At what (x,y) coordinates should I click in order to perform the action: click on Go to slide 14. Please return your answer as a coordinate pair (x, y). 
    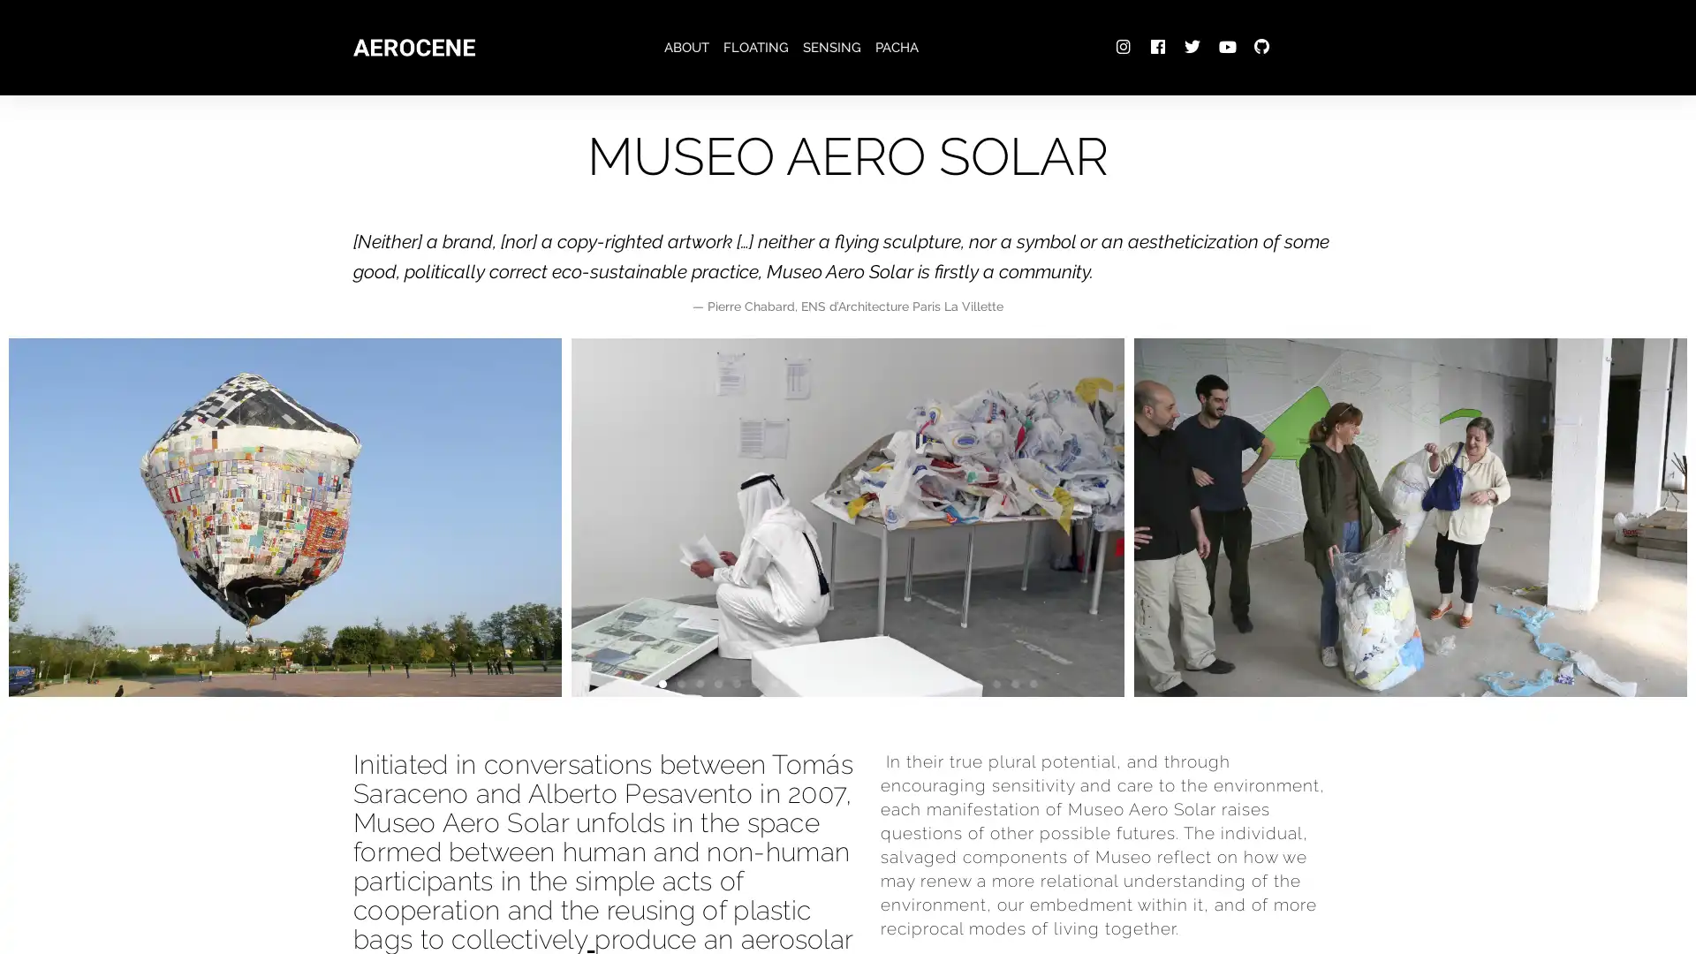
    Looking at the image, I should click on (903, 683).